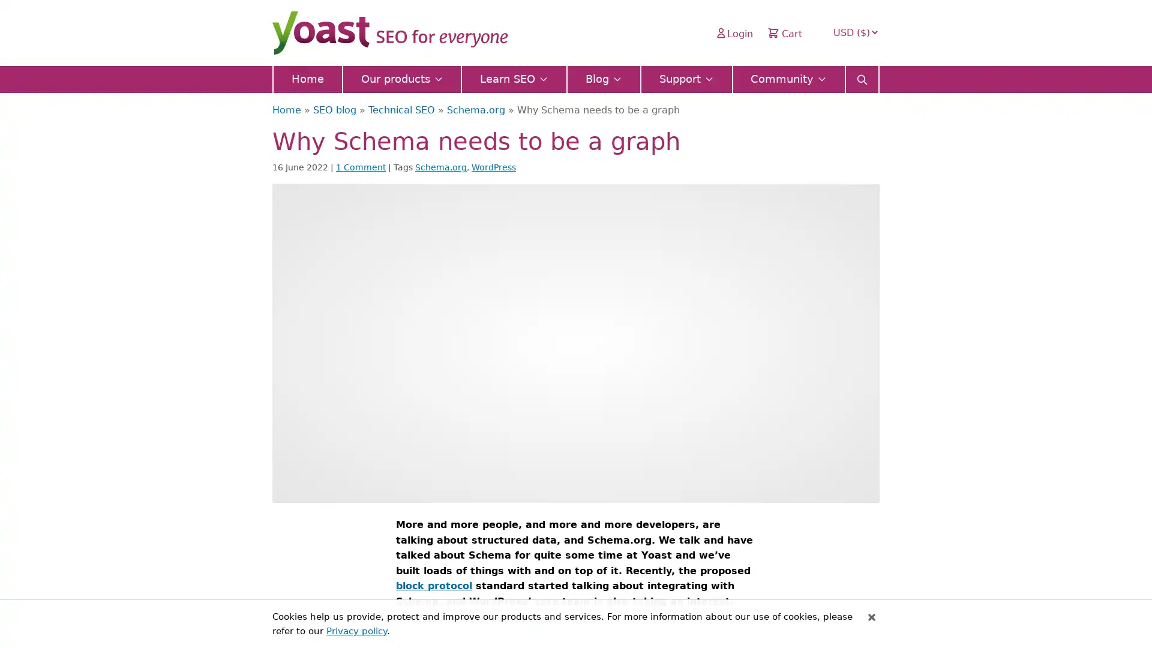 Image resolution: width=1152 pixels, height=648 pixels. Describe the element at coordinates (861, 76) in the screenshot. I see `Open search box` at that location.